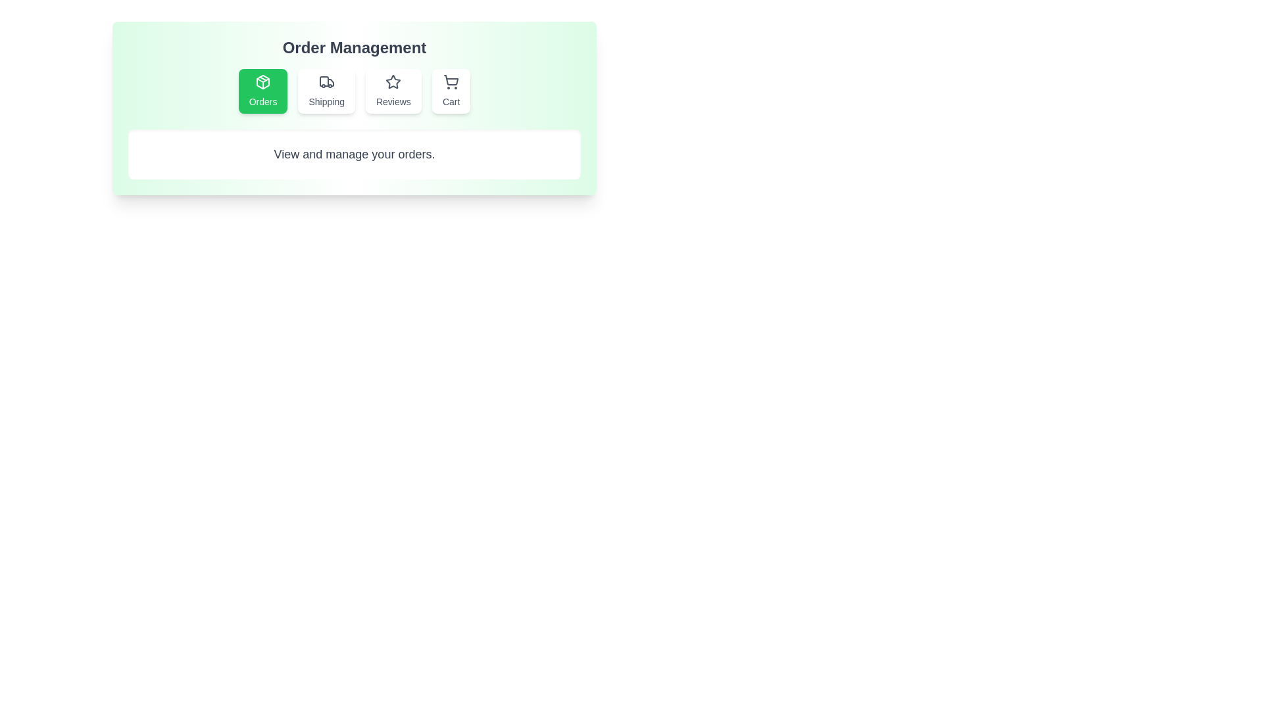 The height and width of the screenshot is (710, 1263). Describe the element at coordinates (263, 101) in the screenshot. I see `'Orders' text label within the green button located at the top-left corner of the menu section for reading or accessibility purposes` at that location.